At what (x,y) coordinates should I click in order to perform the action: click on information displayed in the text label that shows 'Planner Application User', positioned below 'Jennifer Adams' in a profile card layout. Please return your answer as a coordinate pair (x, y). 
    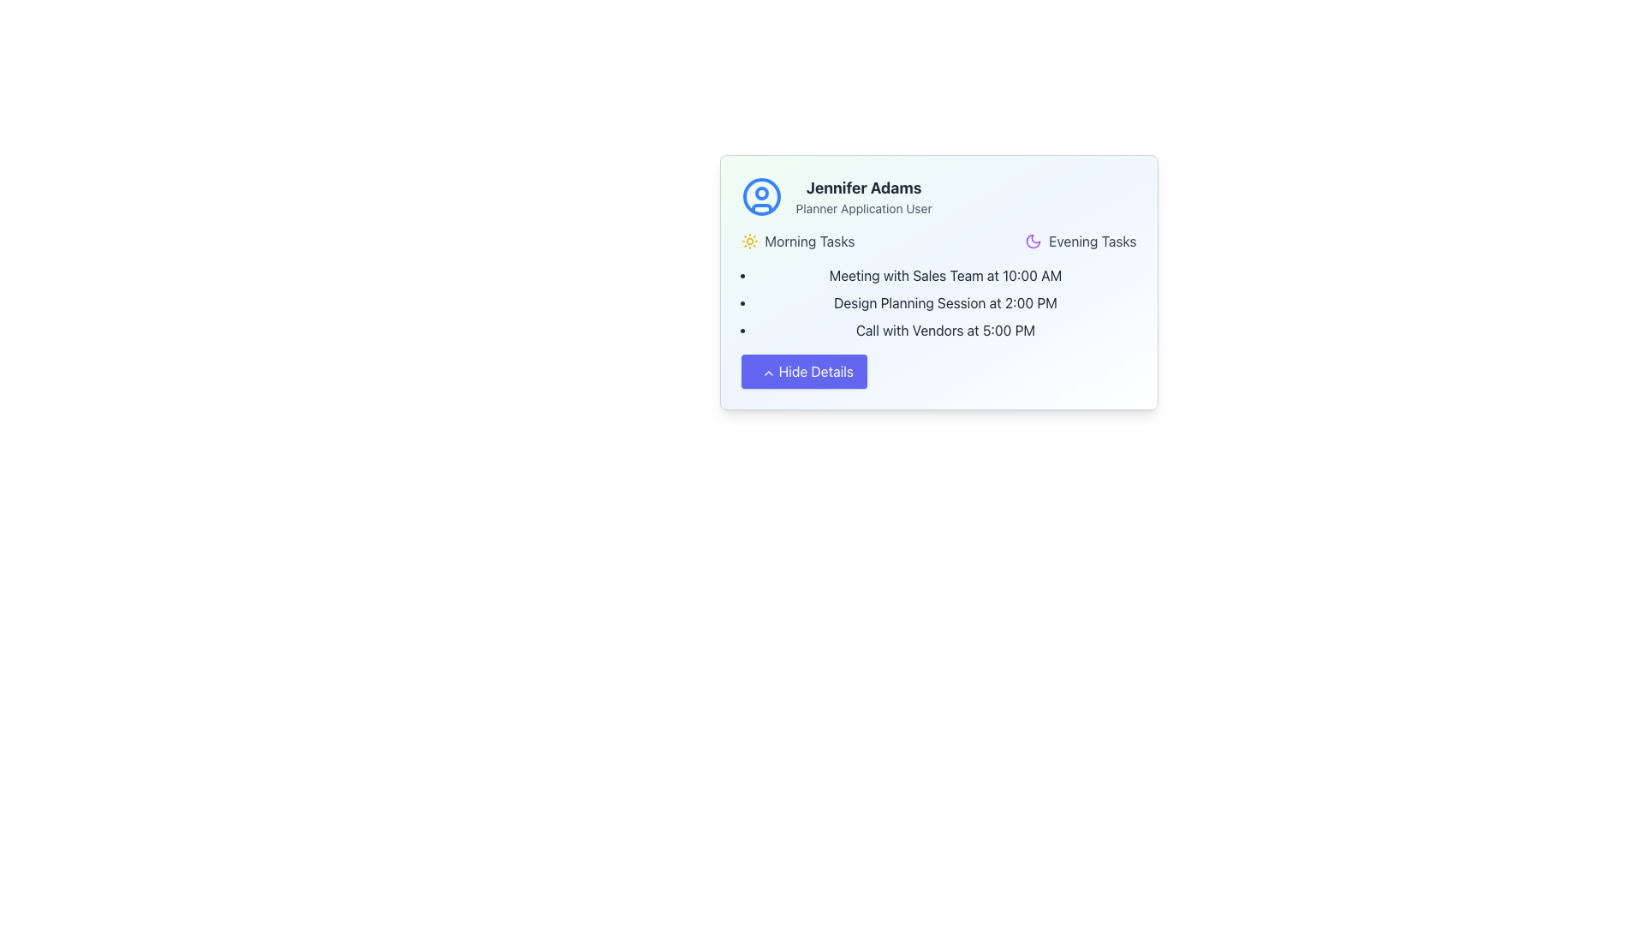
    Looking at the image, I should click on (864, 207).